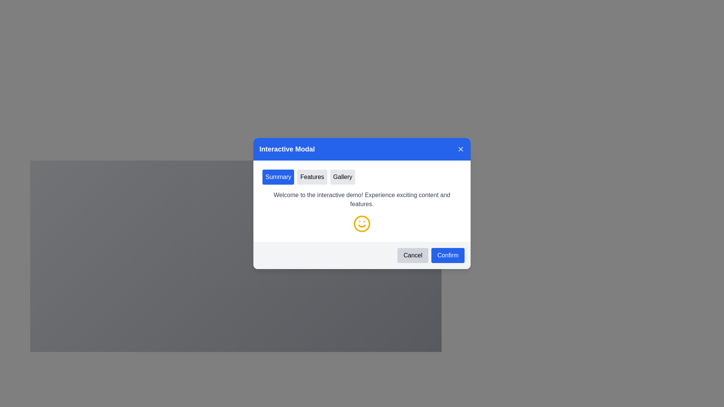 The width and height of the screenshot is (724, 407). What do you see at coordinates (362, 223) in the screenshot?
I see `the decorative icon located directly underneath the welcome text in the modal dialog` at bounding box center [362, 223].